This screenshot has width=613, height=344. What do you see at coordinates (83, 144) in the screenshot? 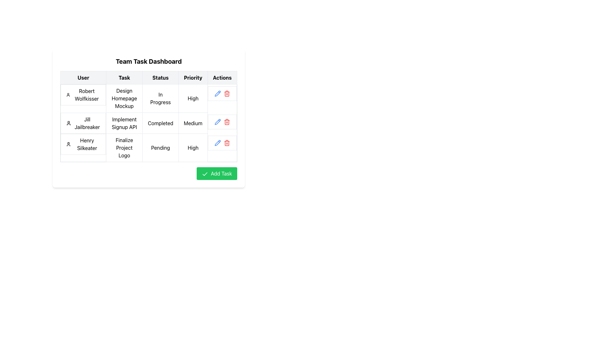
I see `the text and icon element displaying 'Henry Silkeater' in the first column of the third row in the 'Team Task Dashboard' table` at bounding box center [83, 144].